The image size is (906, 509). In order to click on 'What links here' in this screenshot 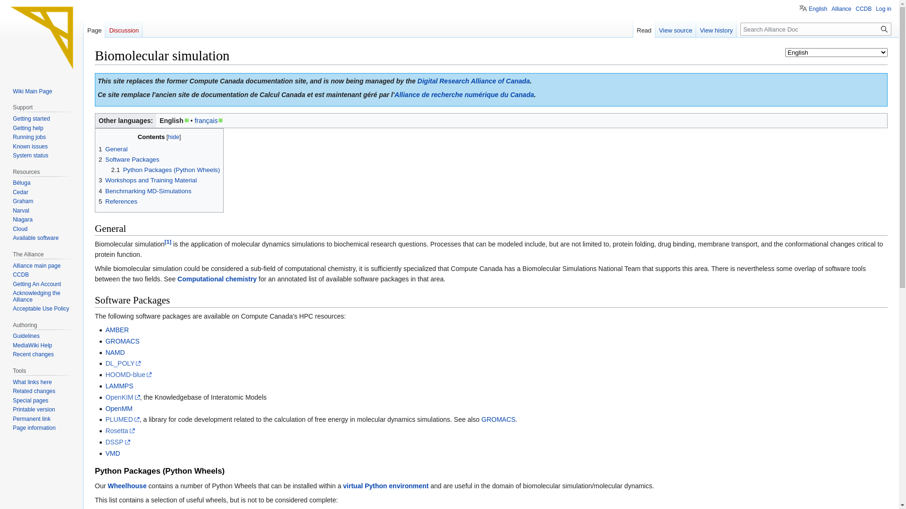, I will do `click(32, 382)`.